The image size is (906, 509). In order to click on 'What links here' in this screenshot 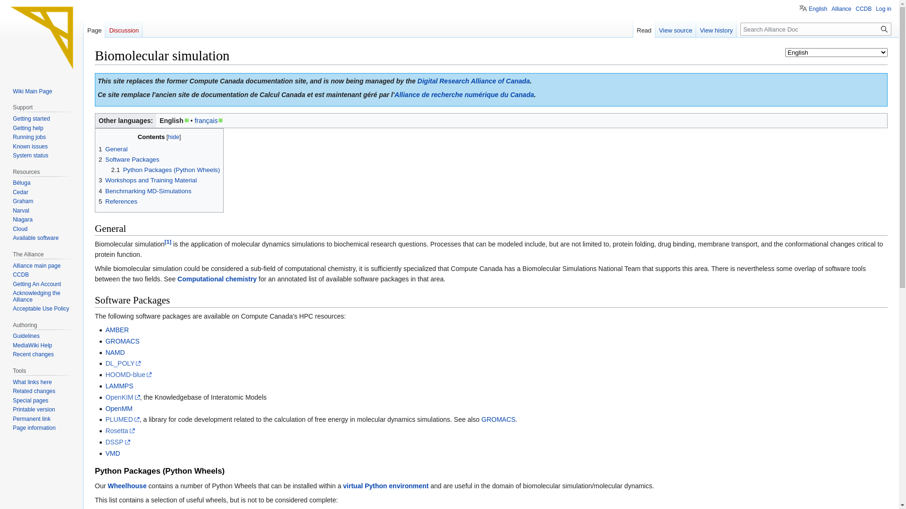, I will do `click(32, 382)`.